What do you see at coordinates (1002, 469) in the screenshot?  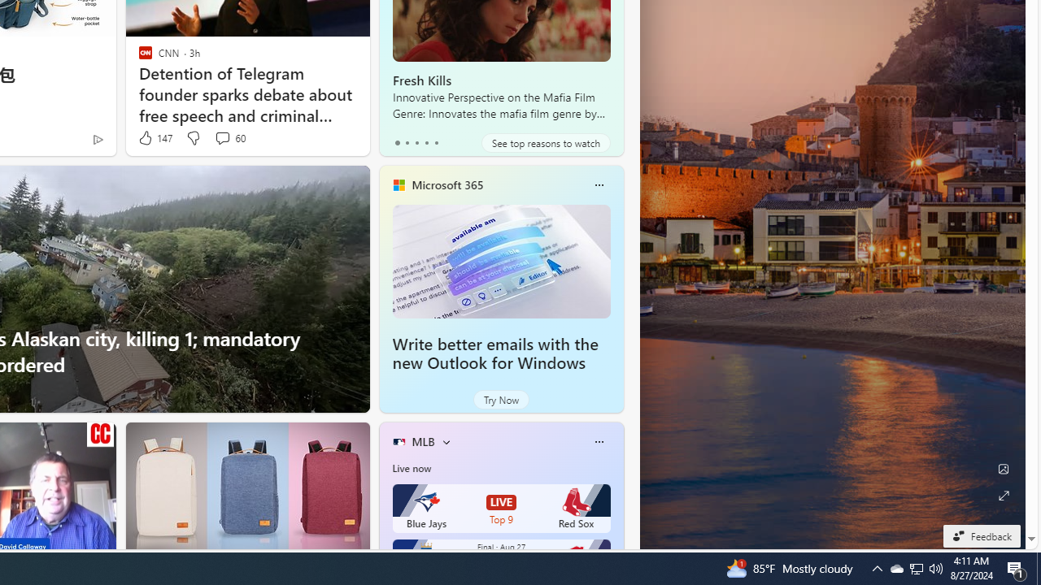 I see `'Edit Background'` at bounding box center [1002, 469].